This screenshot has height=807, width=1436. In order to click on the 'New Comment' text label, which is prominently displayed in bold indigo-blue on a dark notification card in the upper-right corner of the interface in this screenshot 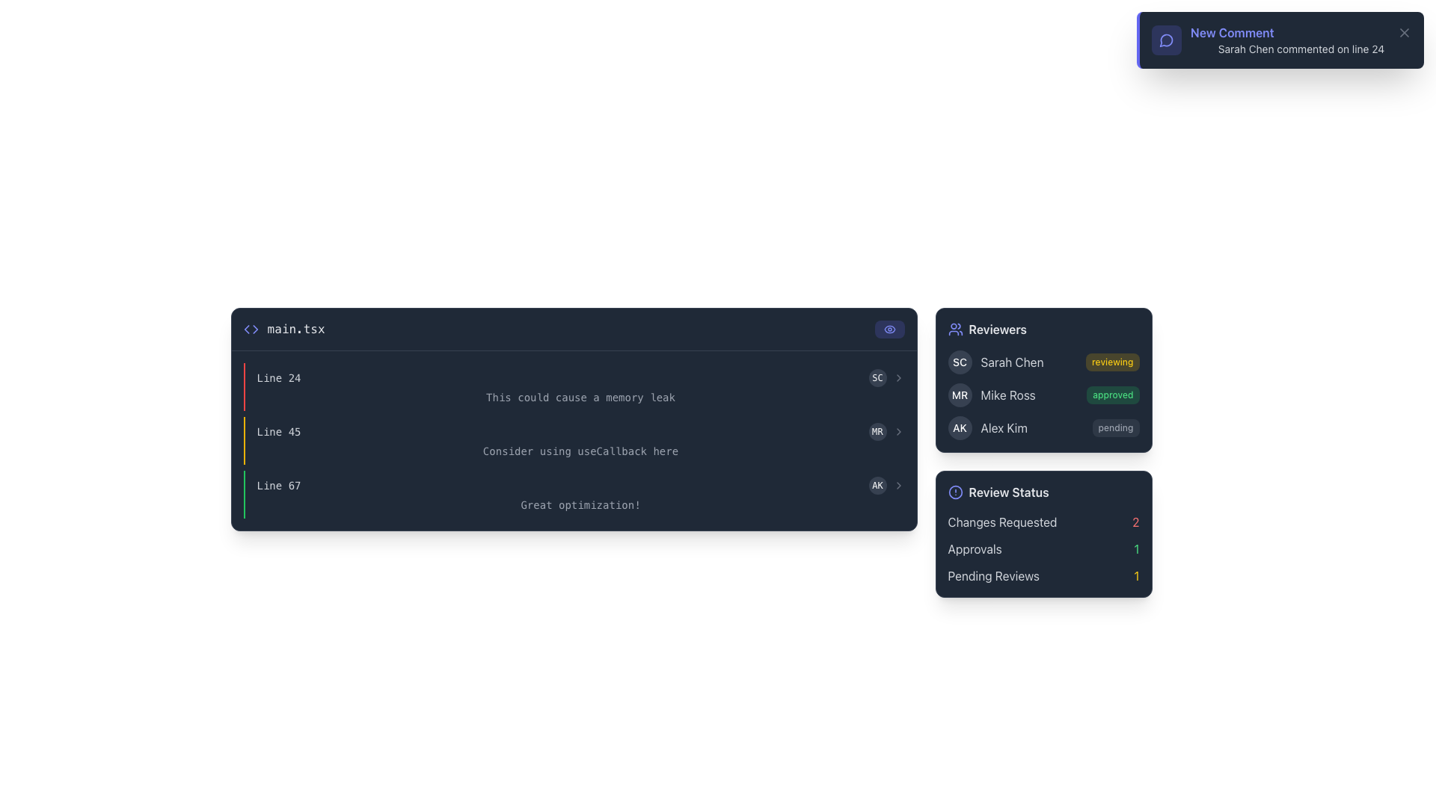, I will do `click(1232, 32)`.